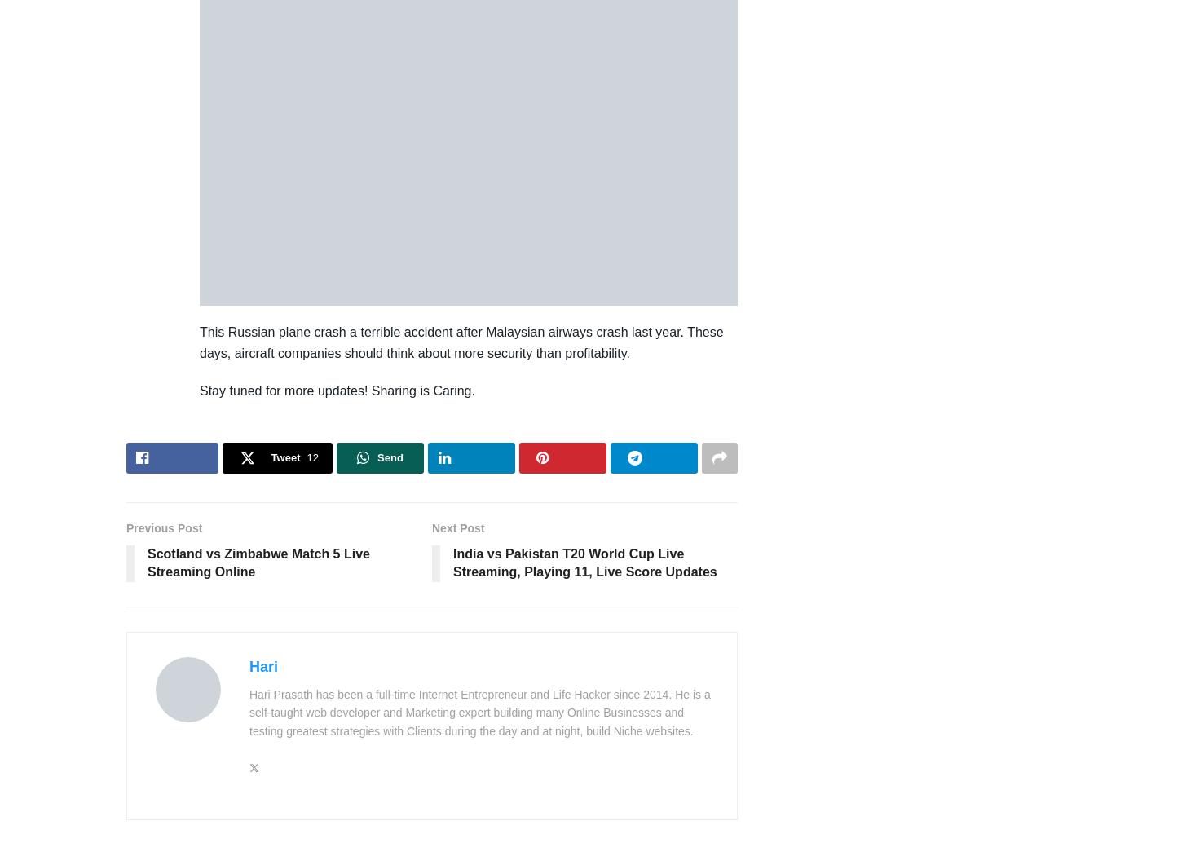  Describe the element at coordinates (249, 712) in the screenshot. I see `'Hari Prasath has been a full-time Internet Entrepreneur and Life Hacker since 2014. He is a self-taught web developer and Marketing expert building many Online Businesses and testing greatest strategies with Clients during the day and at night, build Niche websites.'` at that location.